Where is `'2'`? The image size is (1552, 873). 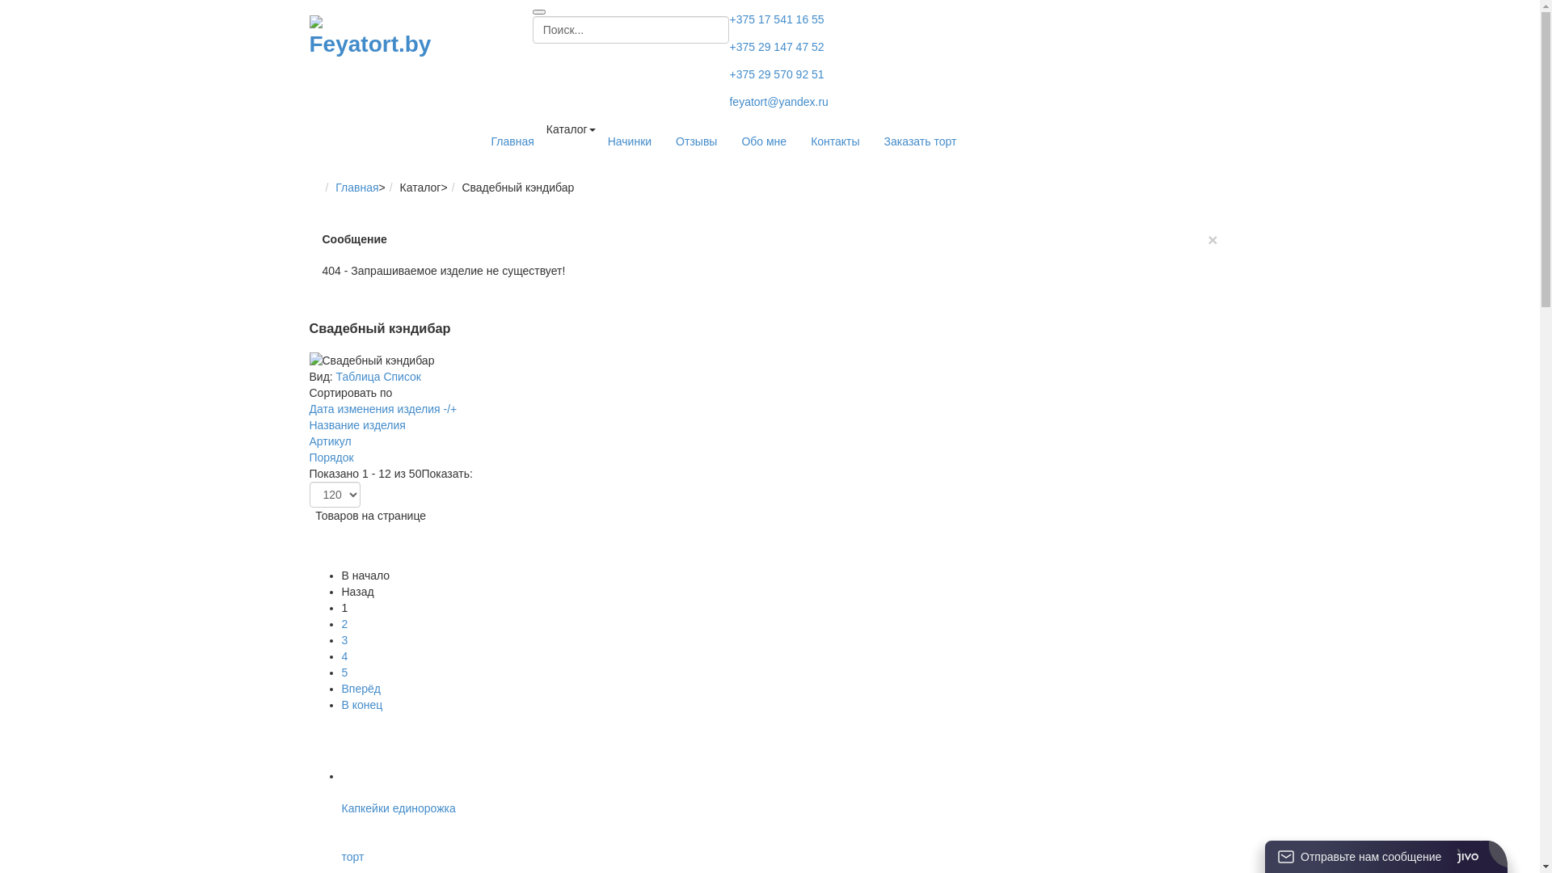
'2' is located at coordinates (344, 622).